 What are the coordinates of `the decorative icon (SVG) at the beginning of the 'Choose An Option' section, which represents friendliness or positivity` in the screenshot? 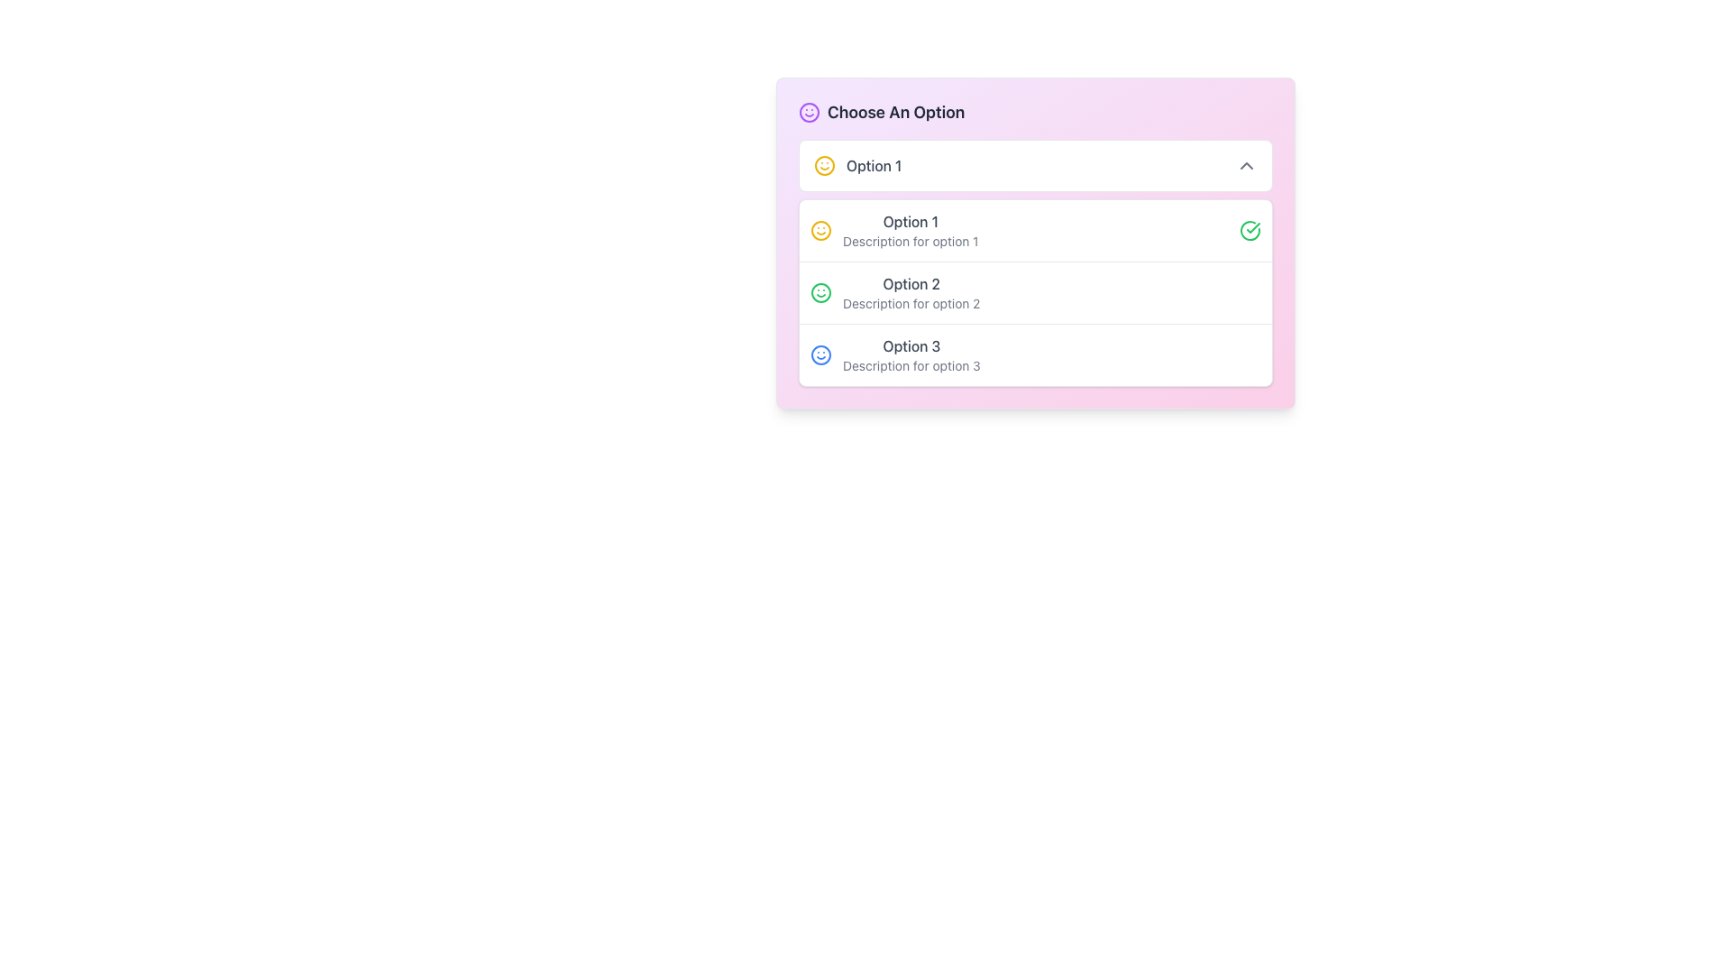 It's located at (808, 112).